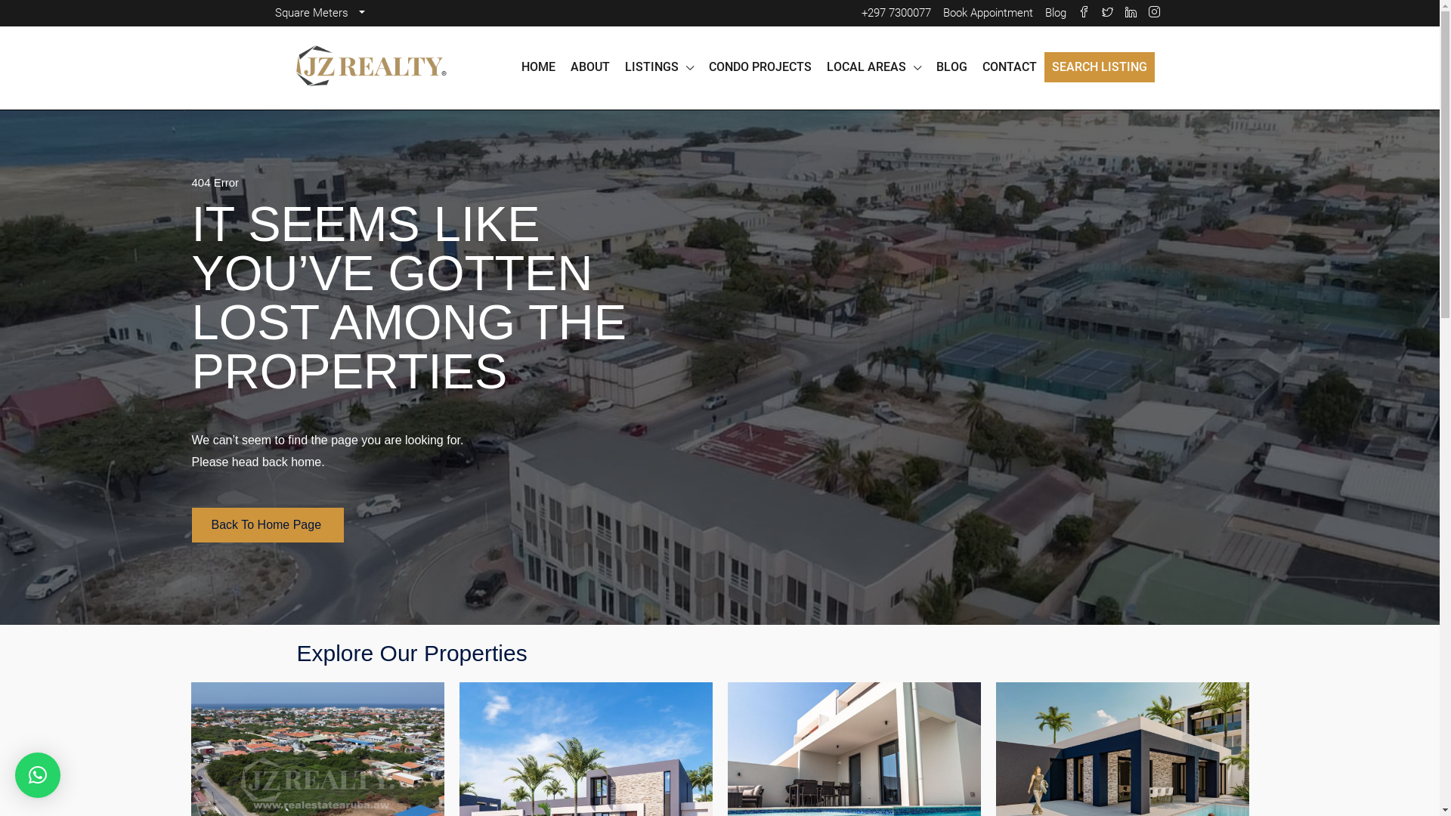 The height and width of the screenshot is (816, 1451). Describe the element at coordinates (273, 13) in the screenshot. I see `'Square Meters'` at that location.